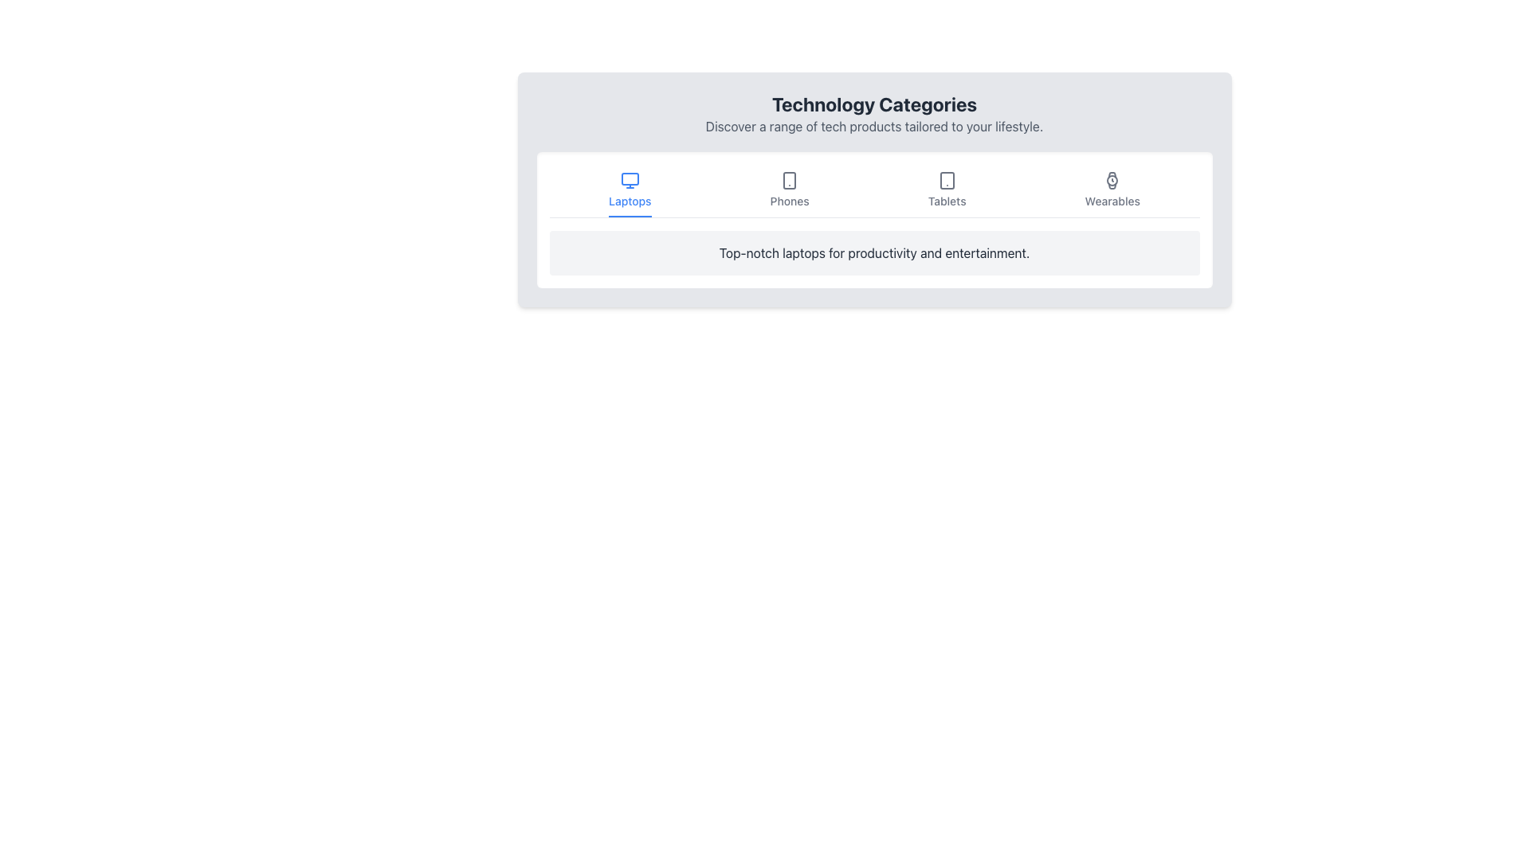 The image size is (1530, 860). I want to click on text label displaying 'Laptops', which is styled with a smaller, medium-weight font and blue color, located directly under a monitor icon in a horizontal list of categories, so click(629, 201).